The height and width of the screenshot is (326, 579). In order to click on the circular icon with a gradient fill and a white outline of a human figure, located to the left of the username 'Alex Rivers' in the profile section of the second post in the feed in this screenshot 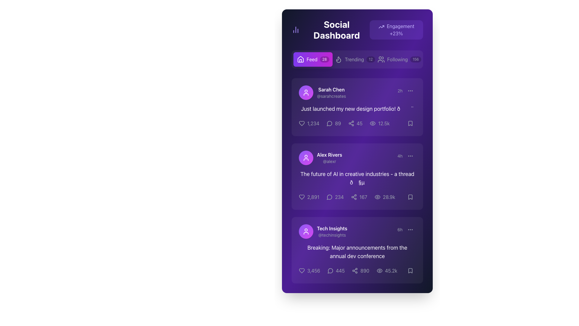, I will do `click(306, 158)`.